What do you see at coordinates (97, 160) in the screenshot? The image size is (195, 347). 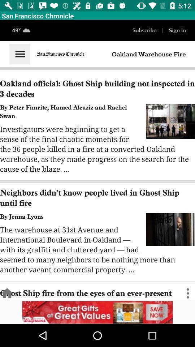 I see `read text` at bounding box center [97, 160].